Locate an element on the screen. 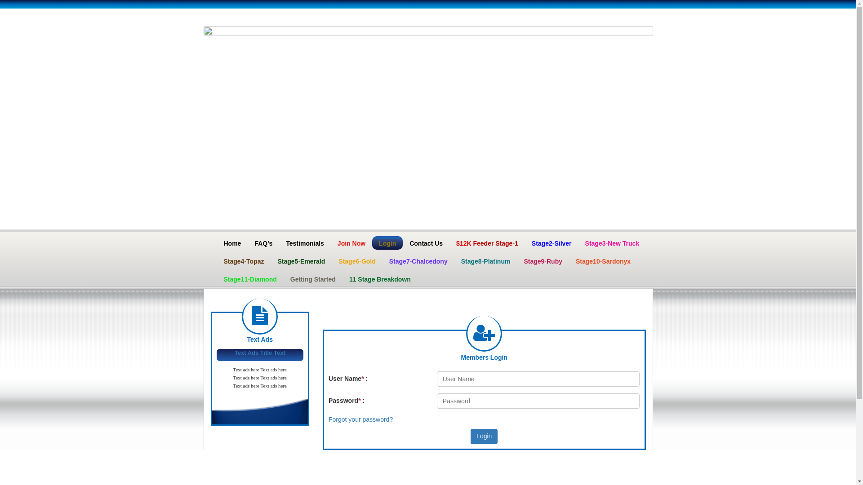 The width and height of the screenshot is (863, 485). 'Stage9-Ruby' is located at coordinates (543, 261).